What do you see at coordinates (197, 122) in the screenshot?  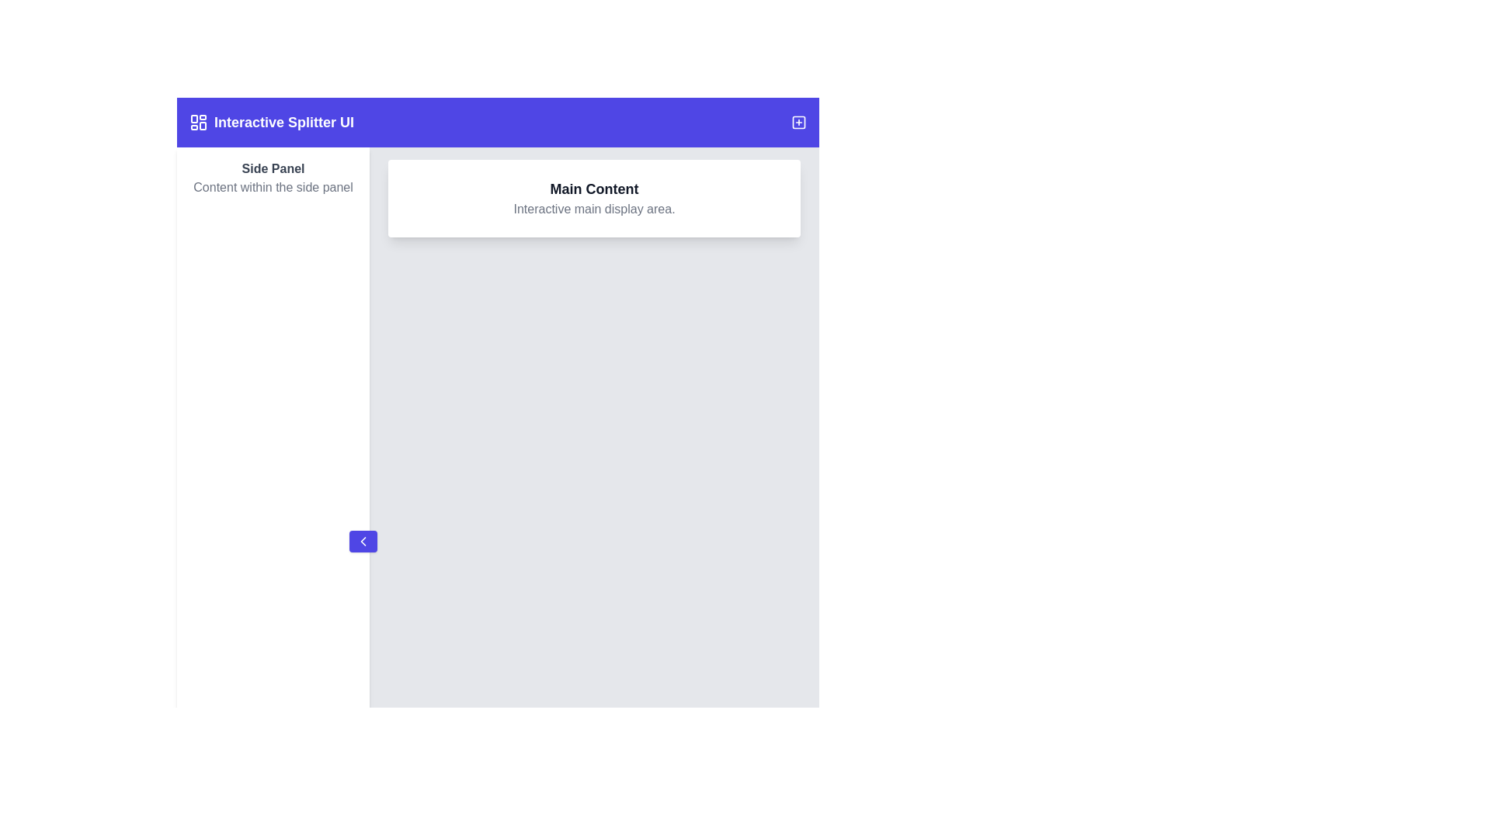 I see `the compact, square grid-like icon with four smaller squares from its position at the top-left corner of the interface` at bounding box center [197, 122].